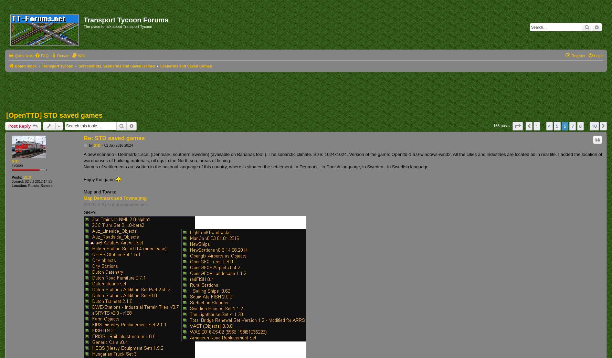 Image resolution: width=612 pixels, height=358 pixels. Describe the element at coordinates (63, 56) in the screenshot. I see `'Donate'` at that location.